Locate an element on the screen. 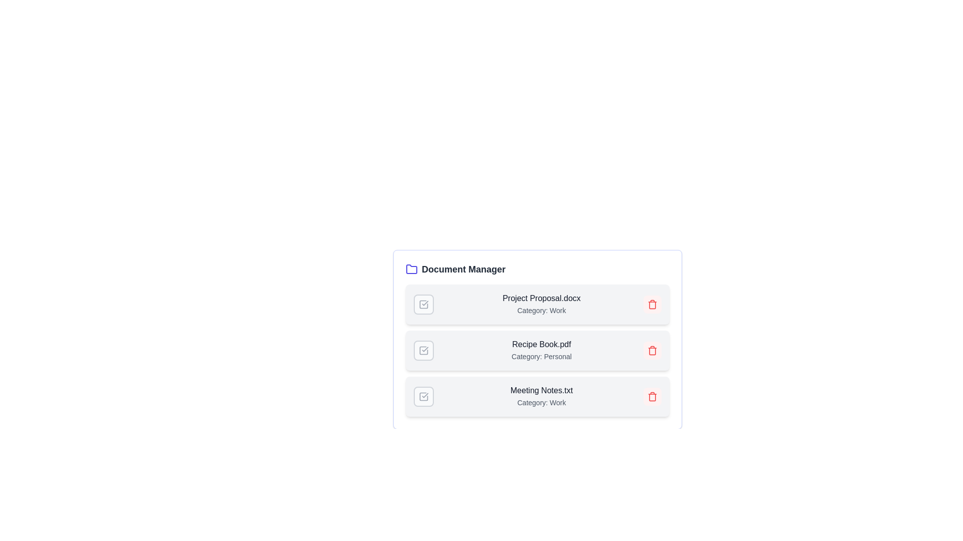 The image size is (963, 541). file name and category from the text display representing a file entry in the document manager, located in the third row between 'Recipe Book.pdf' and the interface component below is located at coordinates (541, 396).